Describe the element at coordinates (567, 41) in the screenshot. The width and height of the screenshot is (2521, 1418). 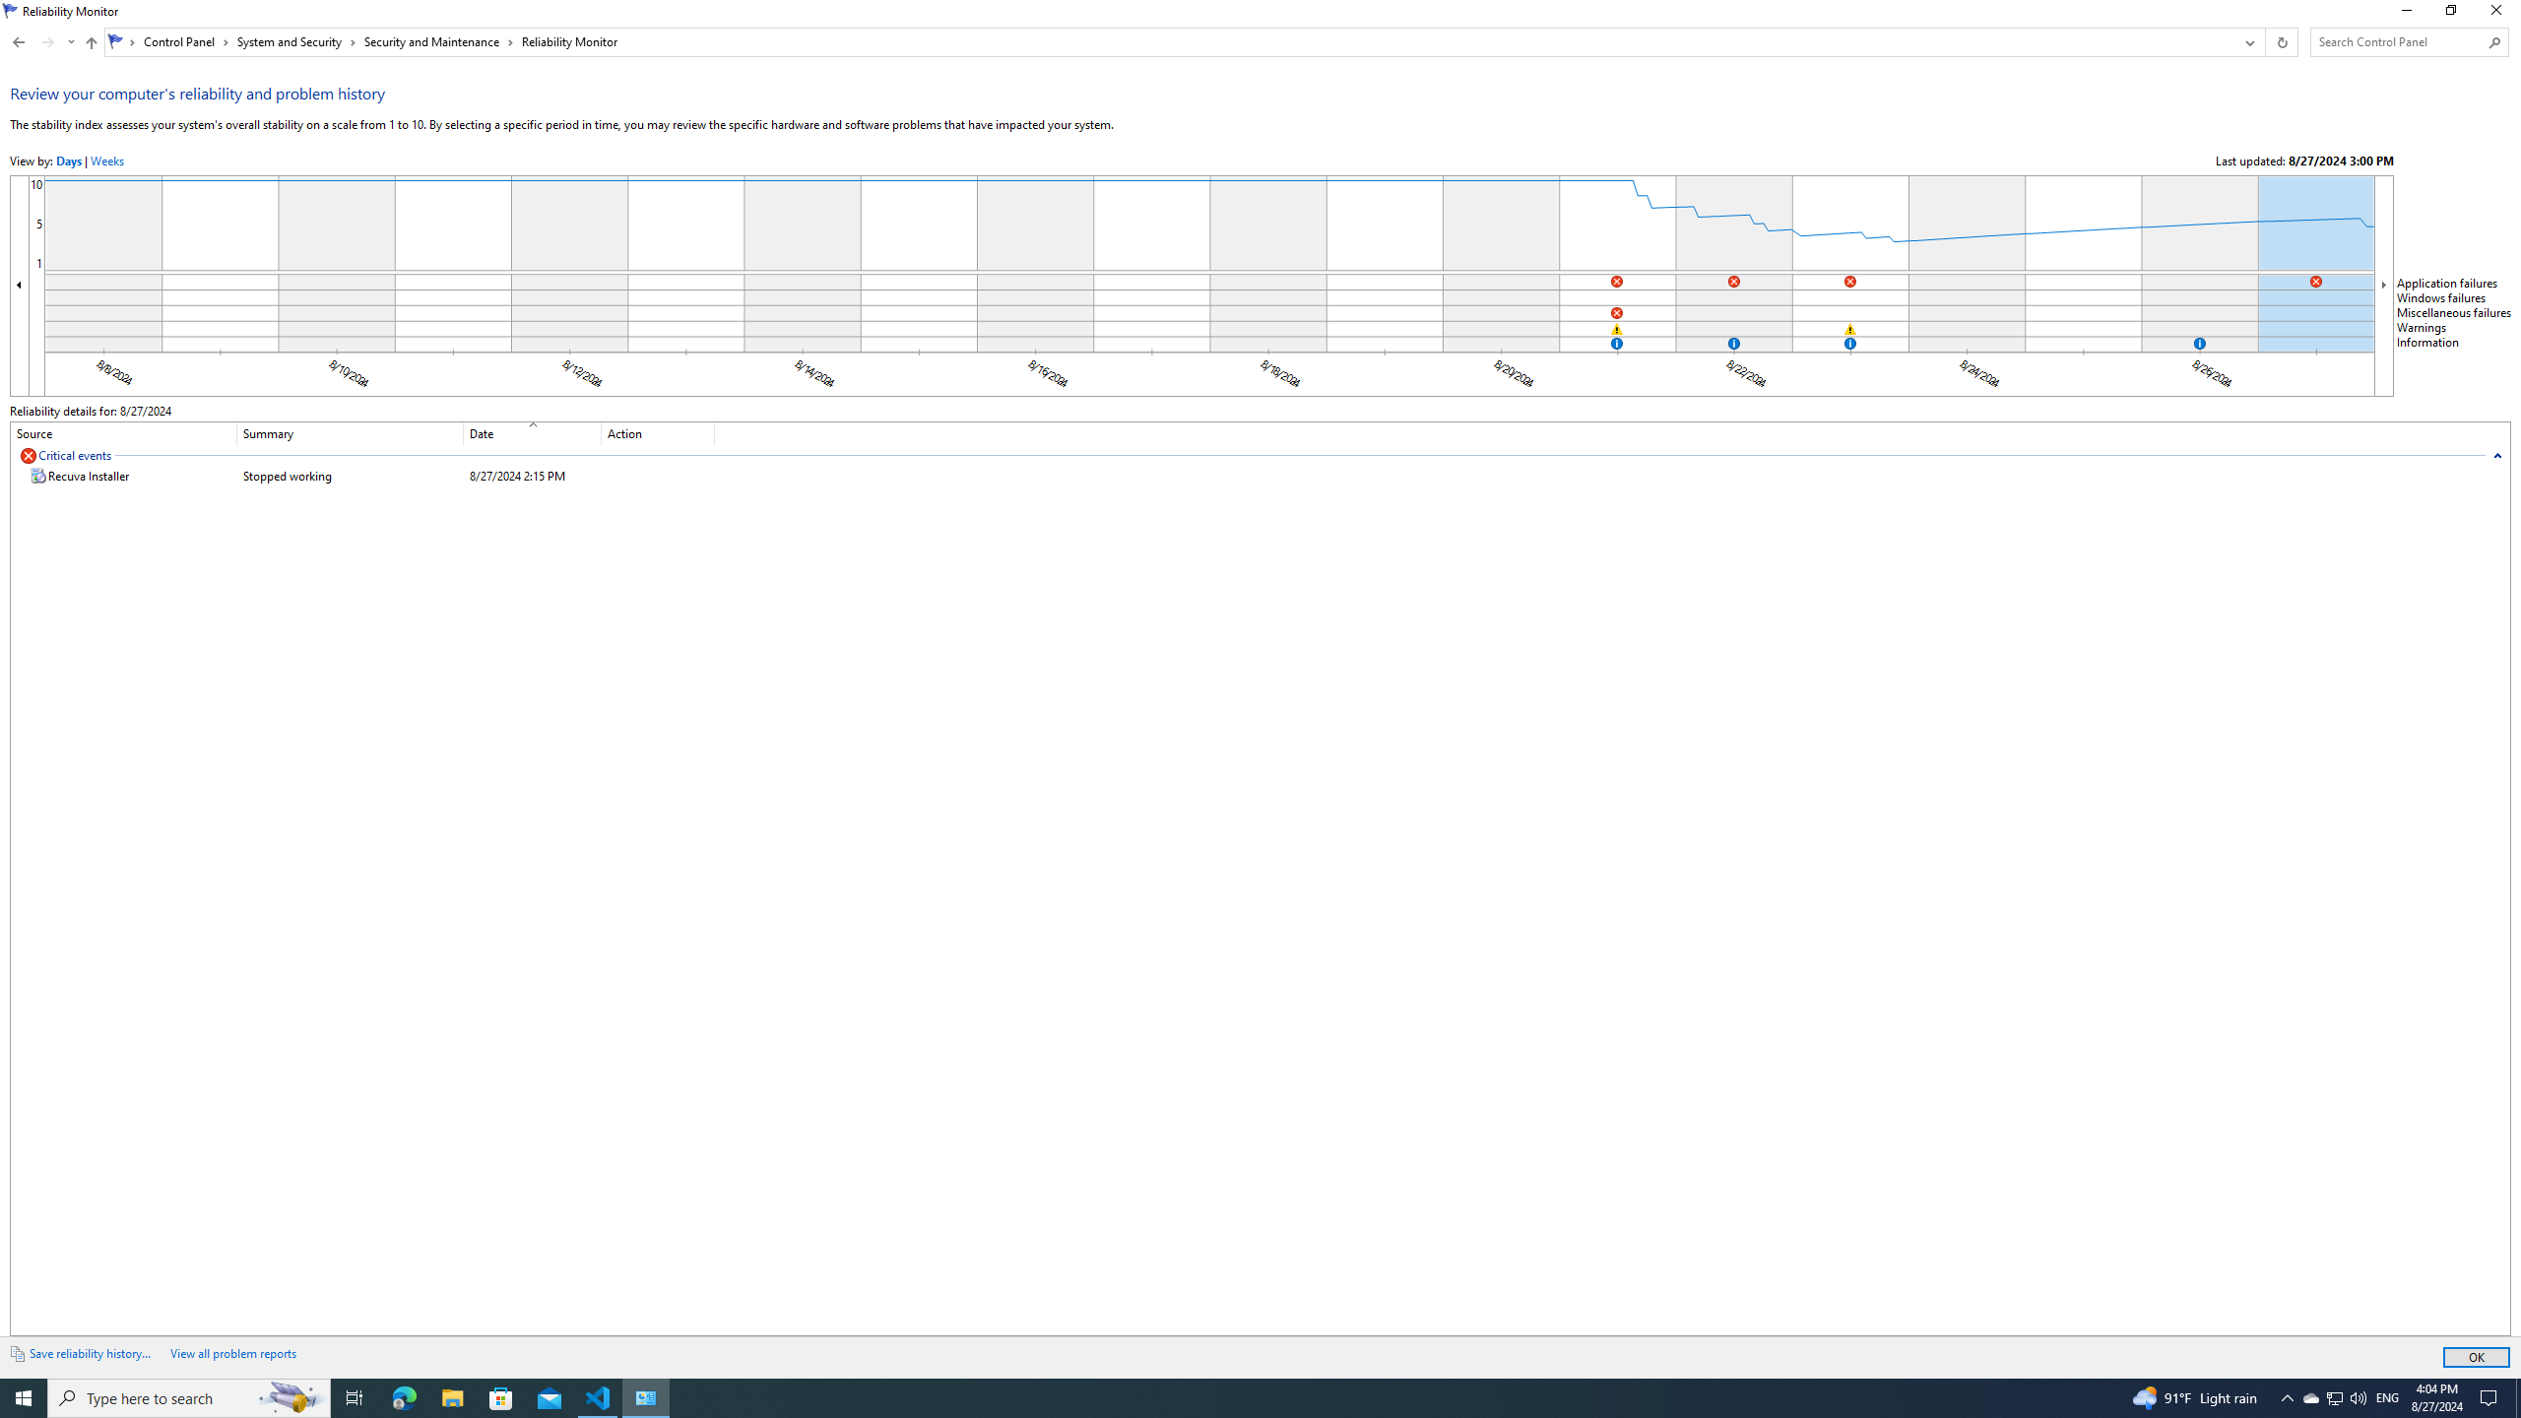
I see `'Reliability Monitor'` at that location.